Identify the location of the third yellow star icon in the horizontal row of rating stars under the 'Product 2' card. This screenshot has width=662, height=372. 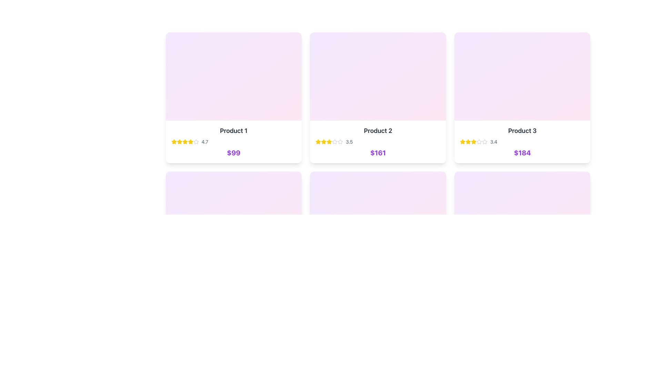
(323, 142).